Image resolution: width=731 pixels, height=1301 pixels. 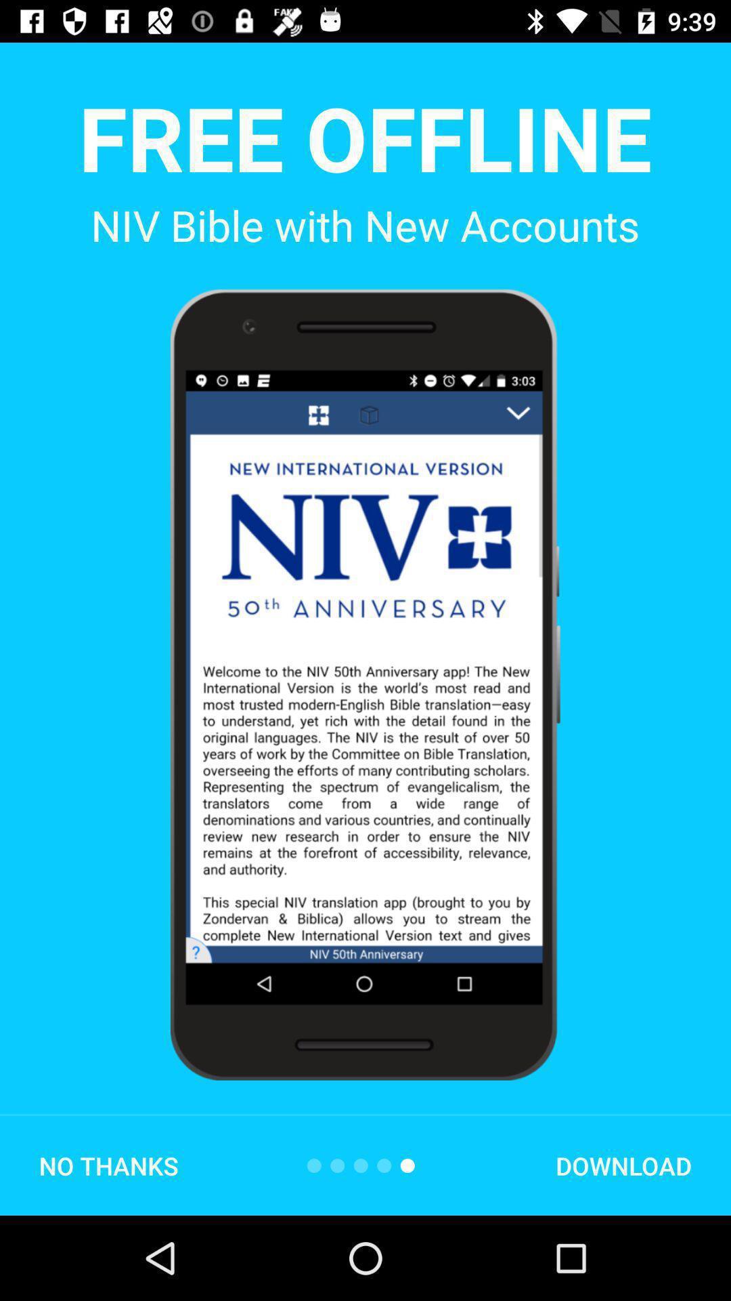 What do you see at coordinates (108, 1165) in the screenshot?
I see `no thanks` at bounding box center [108, 1165].